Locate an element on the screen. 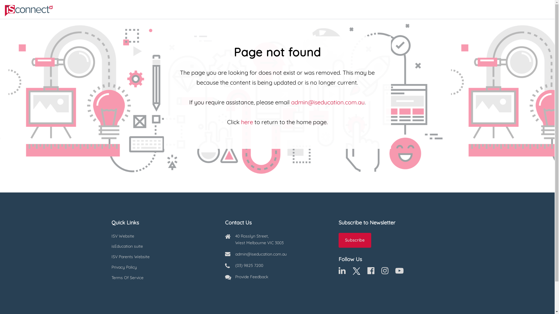 This screenshot has height=314, width=559. 'ISV YouTube' is located at coordinates (399, 272).